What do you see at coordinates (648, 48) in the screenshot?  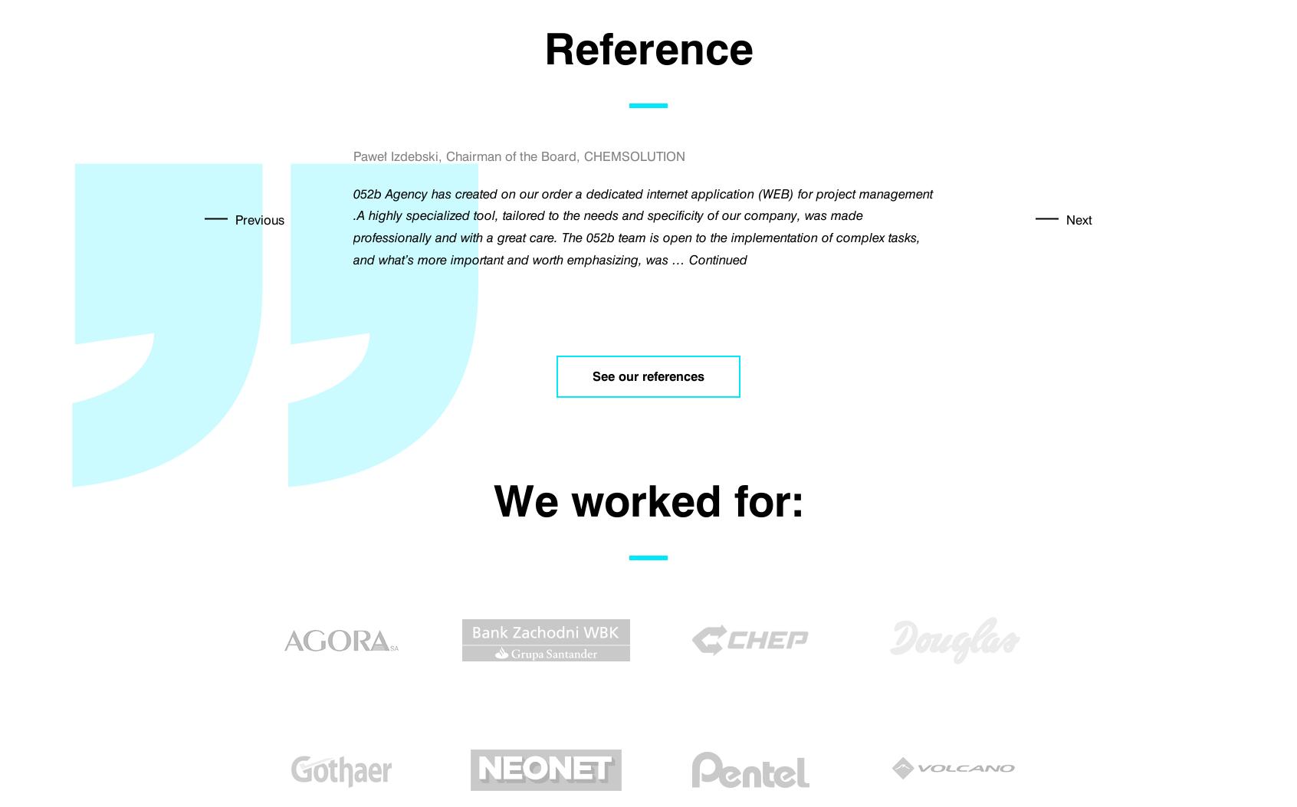 I see `'Reference'` at bounding box center [648, 48].